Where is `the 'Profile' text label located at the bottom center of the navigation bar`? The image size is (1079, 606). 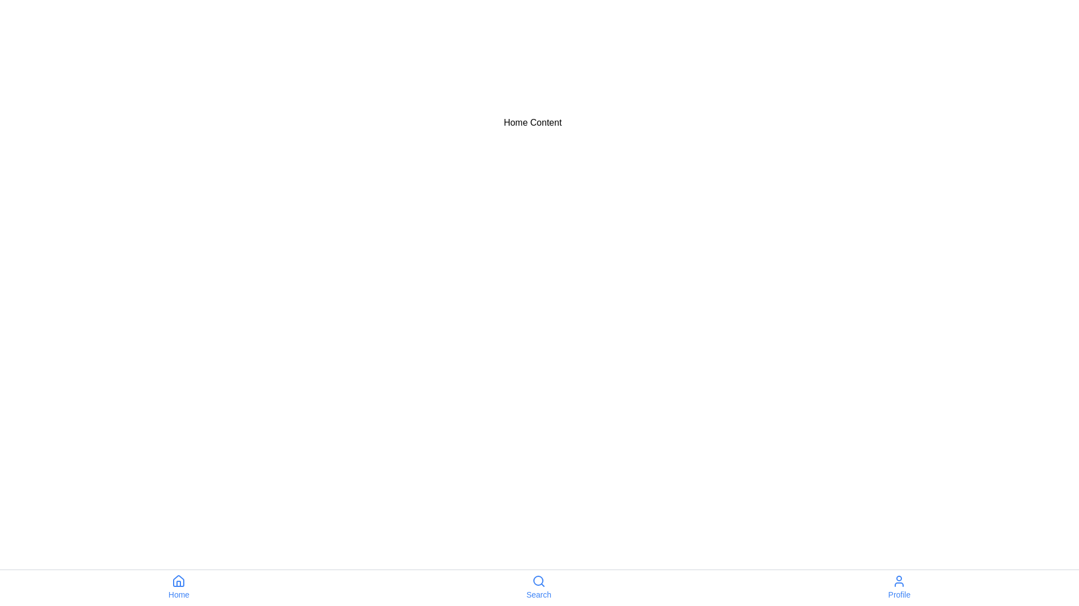
the 'Profile' text label located at the bottom center of the navigation bar is located at coordinates (898, 594).